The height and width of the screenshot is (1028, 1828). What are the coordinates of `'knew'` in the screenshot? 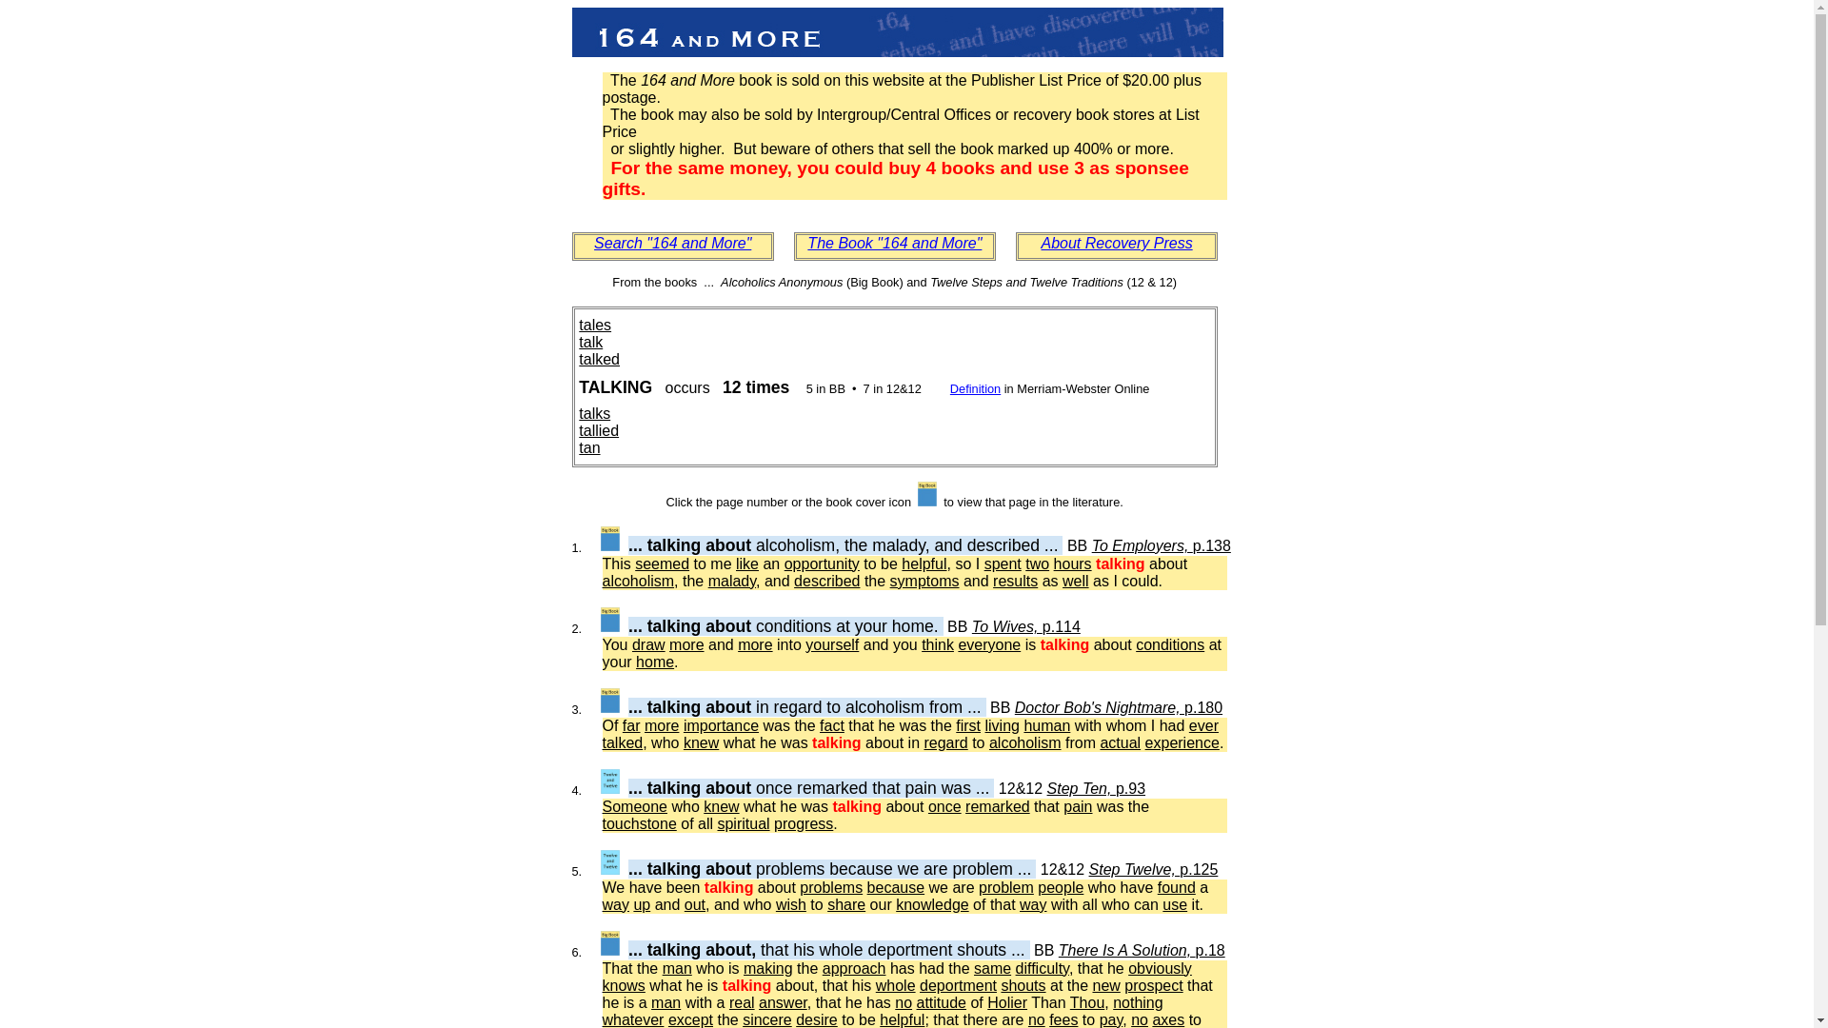 It's located at (703, 806).